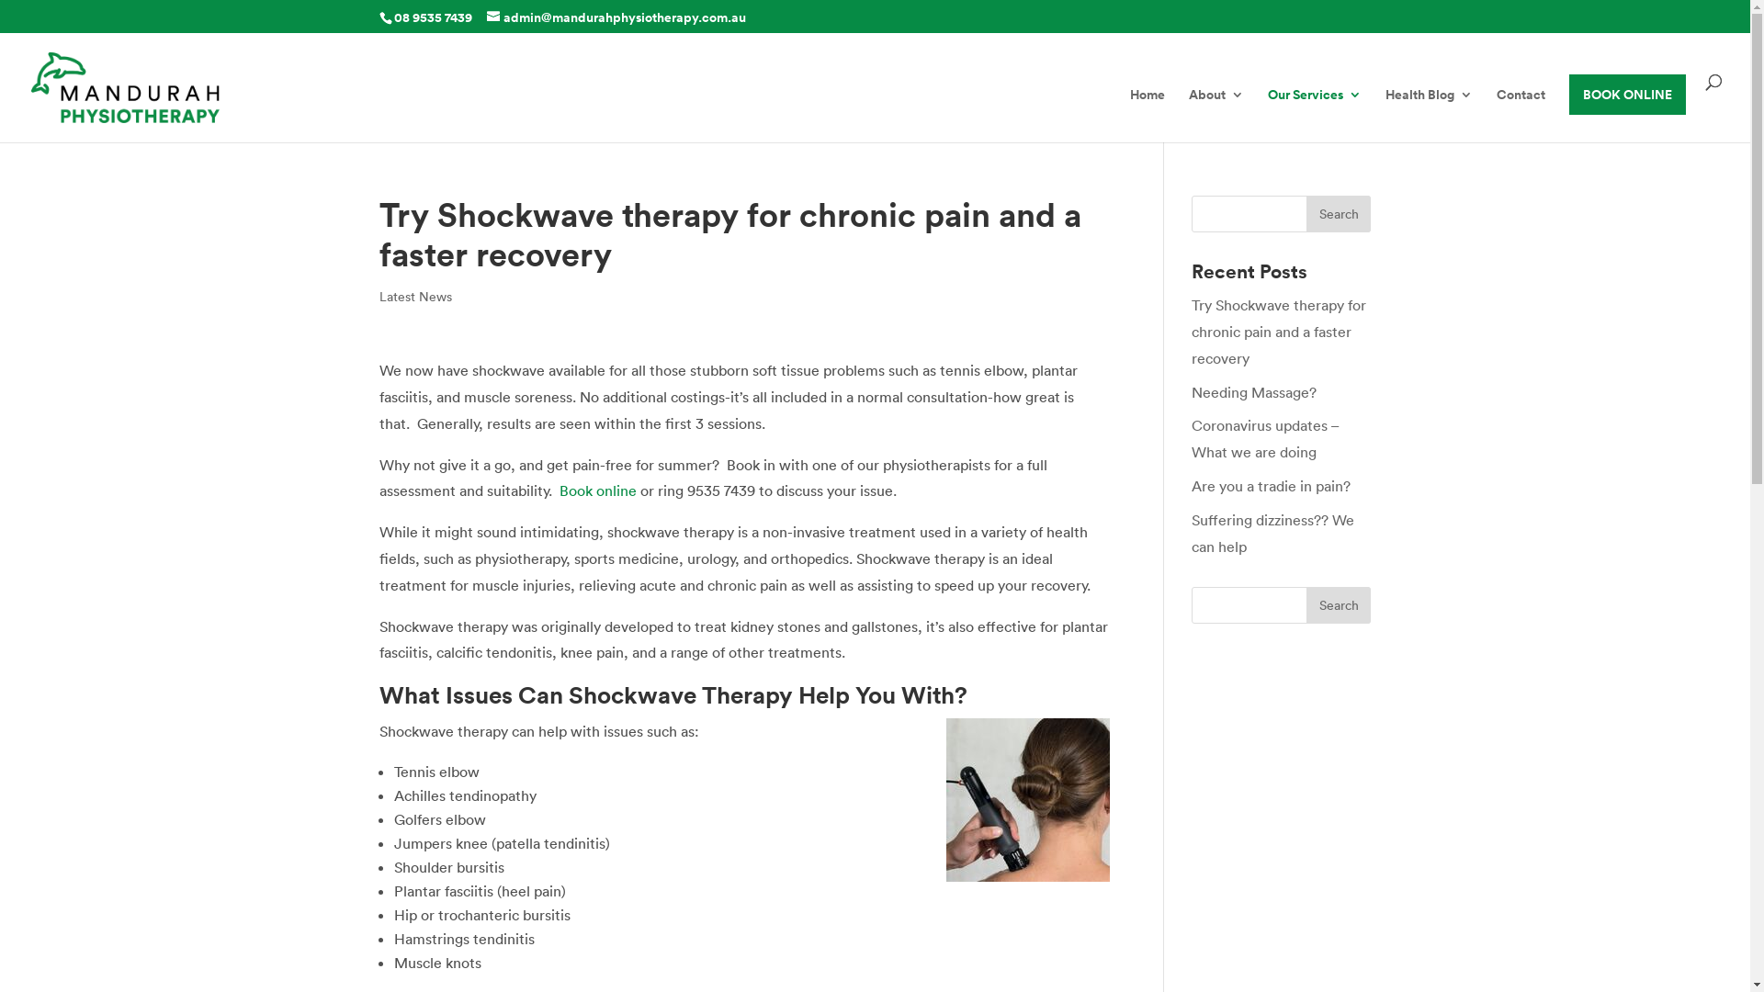  I want to click on 'BOOK ONLINE', so click(1627, 95).